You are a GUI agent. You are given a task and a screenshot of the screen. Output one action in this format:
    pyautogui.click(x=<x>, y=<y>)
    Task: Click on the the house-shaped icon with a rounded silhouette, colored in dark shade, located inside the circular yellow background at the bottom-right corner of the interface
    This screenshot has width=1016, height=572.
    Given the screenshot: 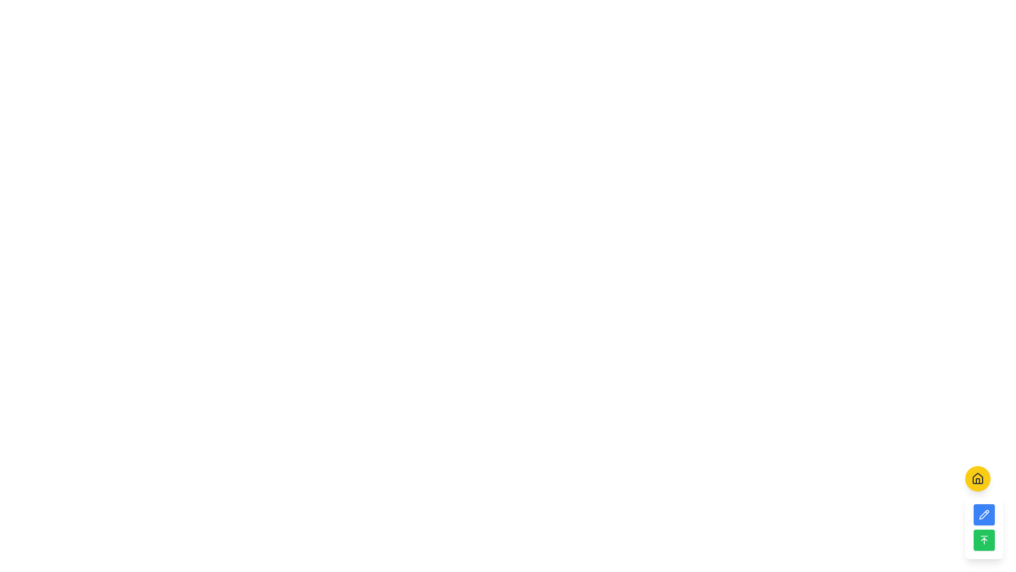 What is the action you would take?
    pyautogui.click(x=977, y=478)
    